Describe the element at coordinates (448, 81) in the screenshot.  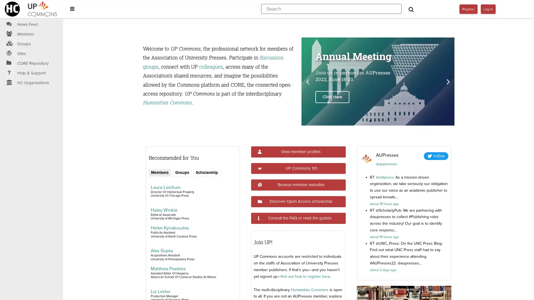
I see `Next slide` at that location.